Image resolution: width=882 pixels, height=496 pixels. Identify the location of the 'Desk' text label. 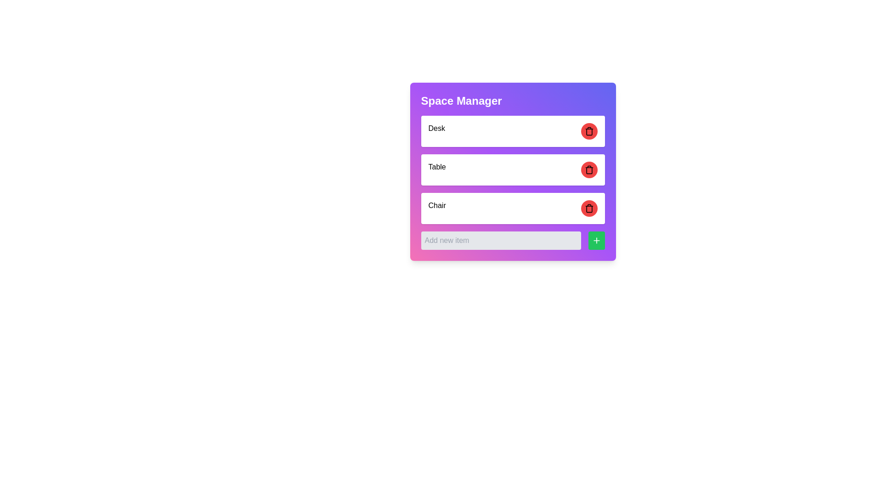
(436, 131).